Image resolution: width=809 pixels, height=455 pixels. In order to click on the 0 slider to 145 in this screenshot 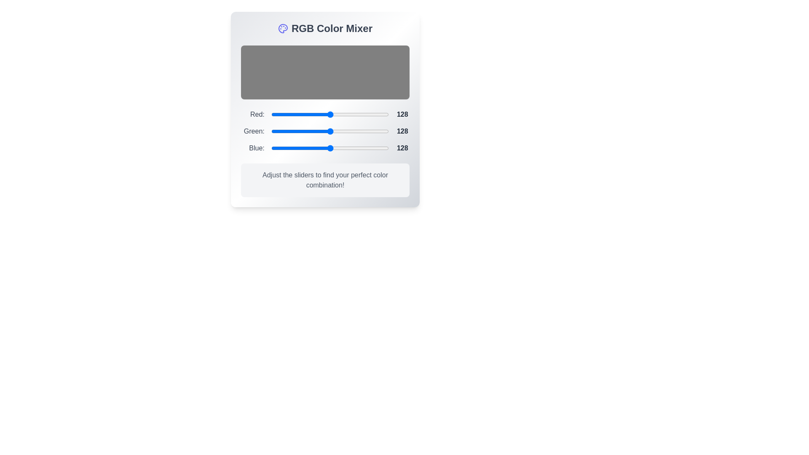, I will do `click(338, 115)`.